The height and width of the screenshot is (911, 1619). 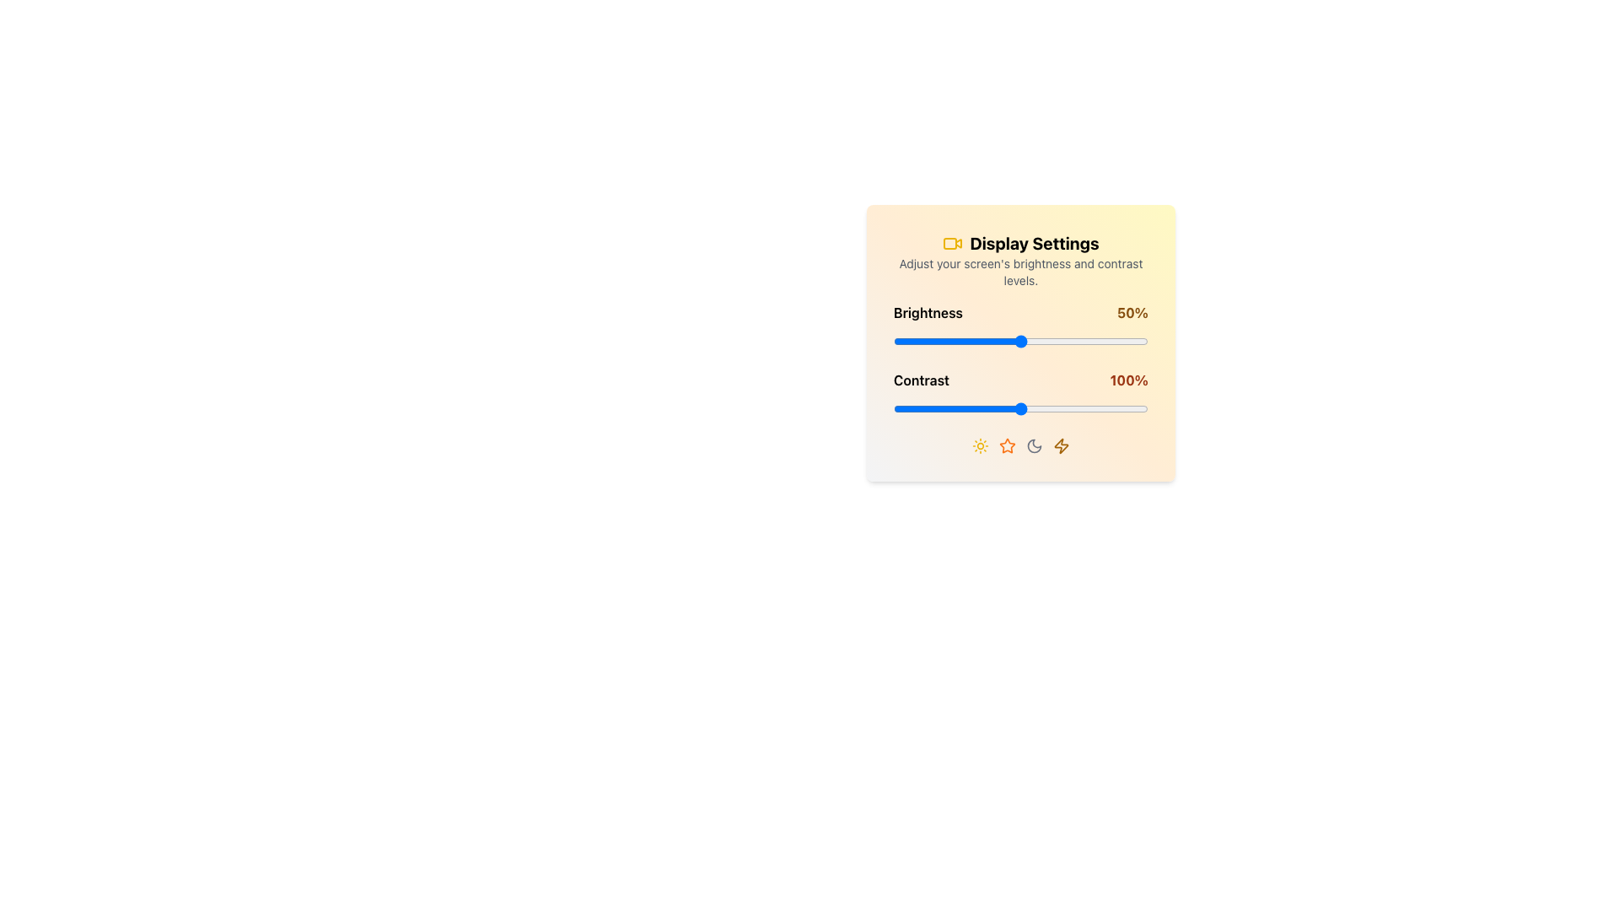 What do you see at coordinates (937, 409) in the screenshot?
I see `contrast` at bounding box center [937, 409].